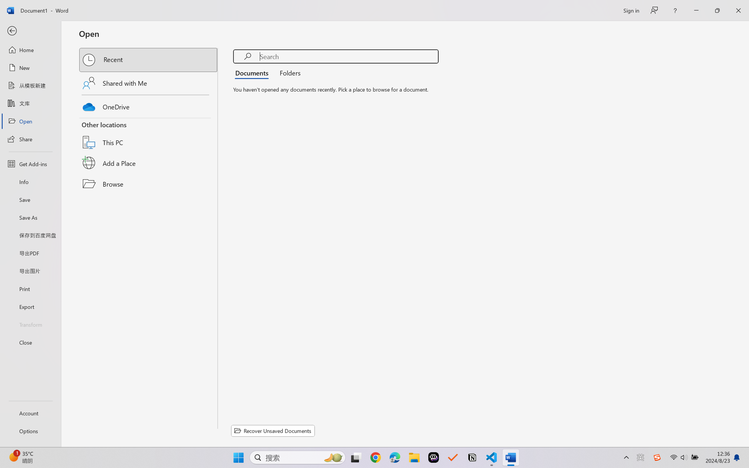 The image size is (749, 468). I want to click on 'Add a Place', so click(149, 162).